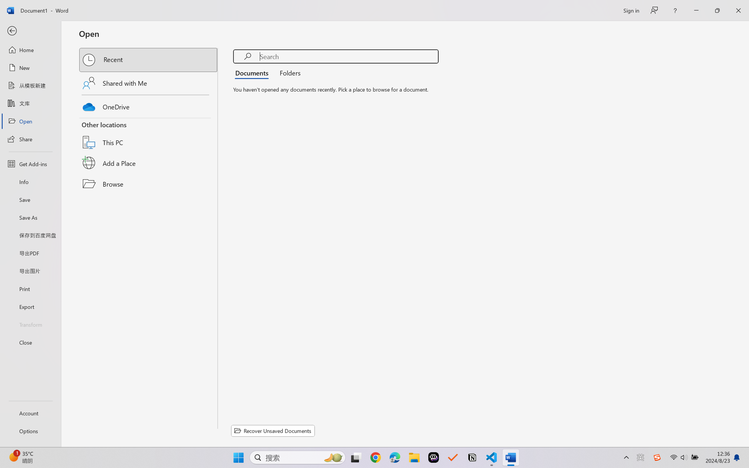 The image size is (749, 468). I want to click on 'Add a Place', so click(149, 162).